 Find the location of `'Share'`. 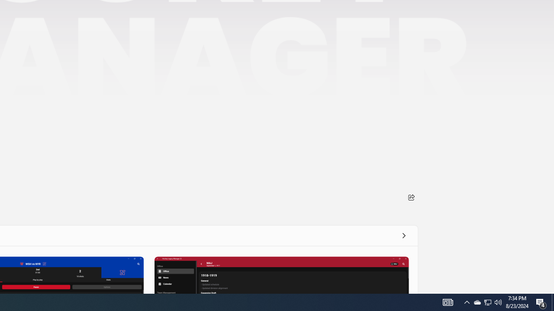

'Share' is located at coordinates (411, 197).